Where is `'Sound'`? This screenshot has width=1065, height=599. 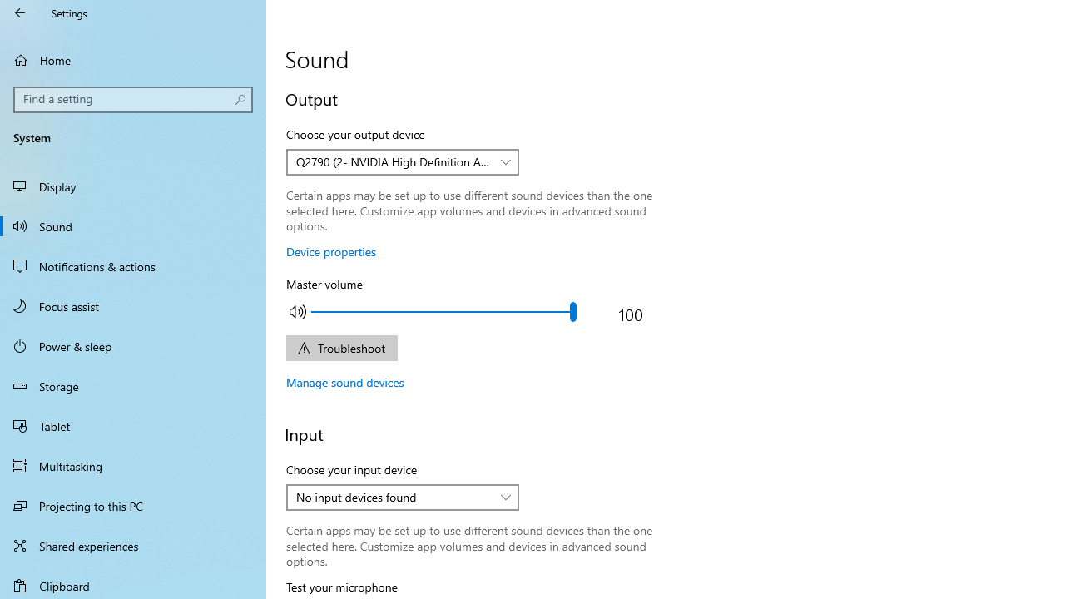
'Sound' is located at coordinates (133, 225).